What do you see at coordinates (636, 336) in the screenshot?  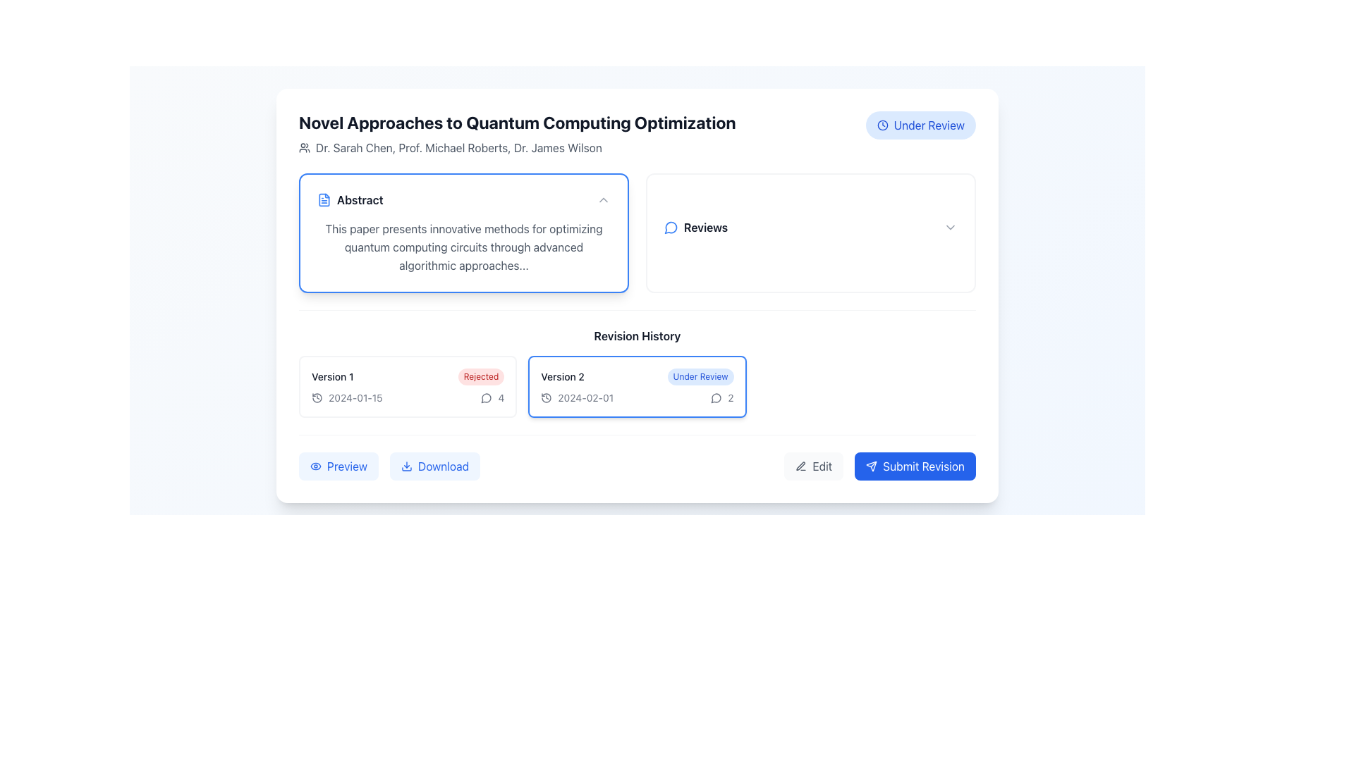 I see `the section` at bounding box center [636, 336].